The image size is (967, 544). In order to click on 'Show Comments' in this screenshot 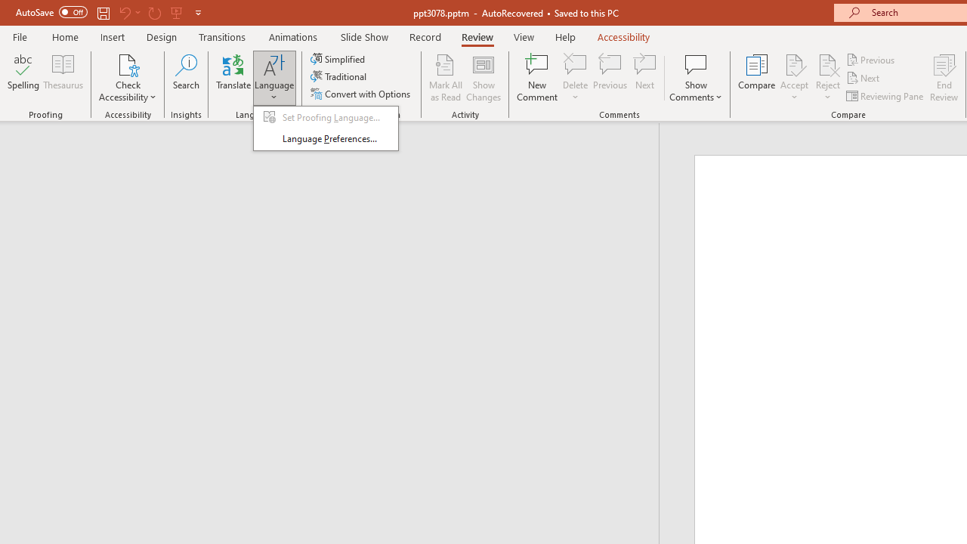, I will do `click(695, 63)`.